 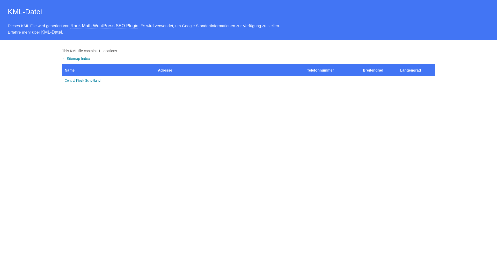 I want to click on 'KML-Datei', so click(x=41, y=32).